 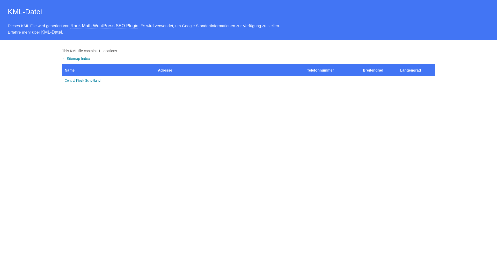 I want to click on 'KML-Datei', so click(x=41, y=32).